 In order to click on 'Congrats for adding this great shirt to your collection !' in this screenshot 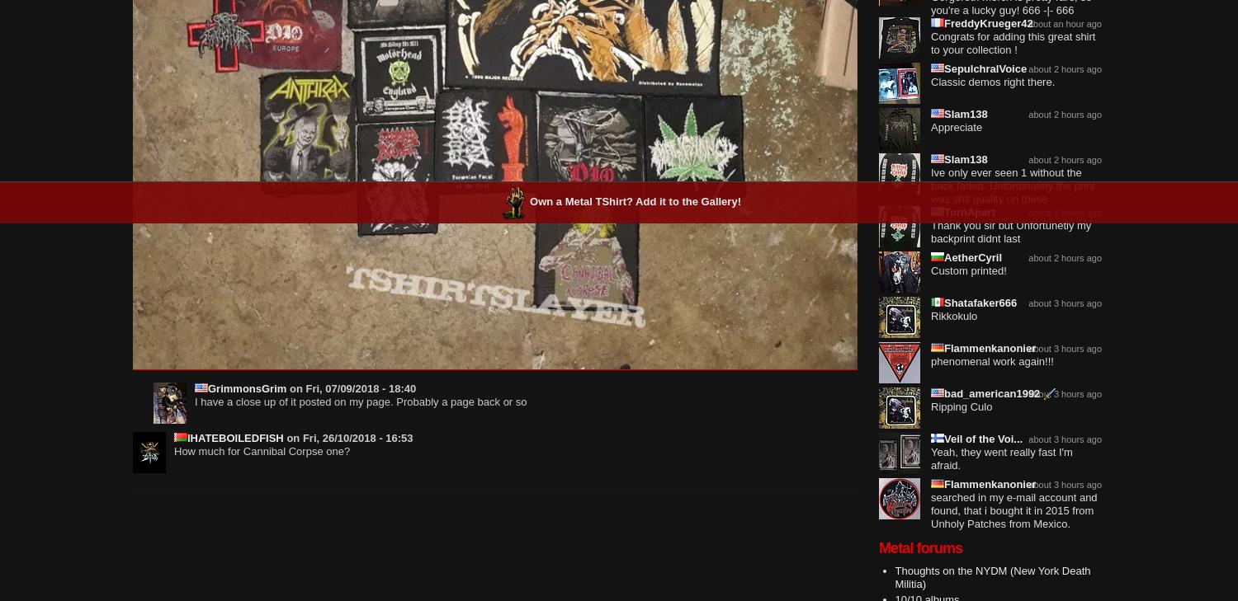, I will do `click(1012, 41)`.